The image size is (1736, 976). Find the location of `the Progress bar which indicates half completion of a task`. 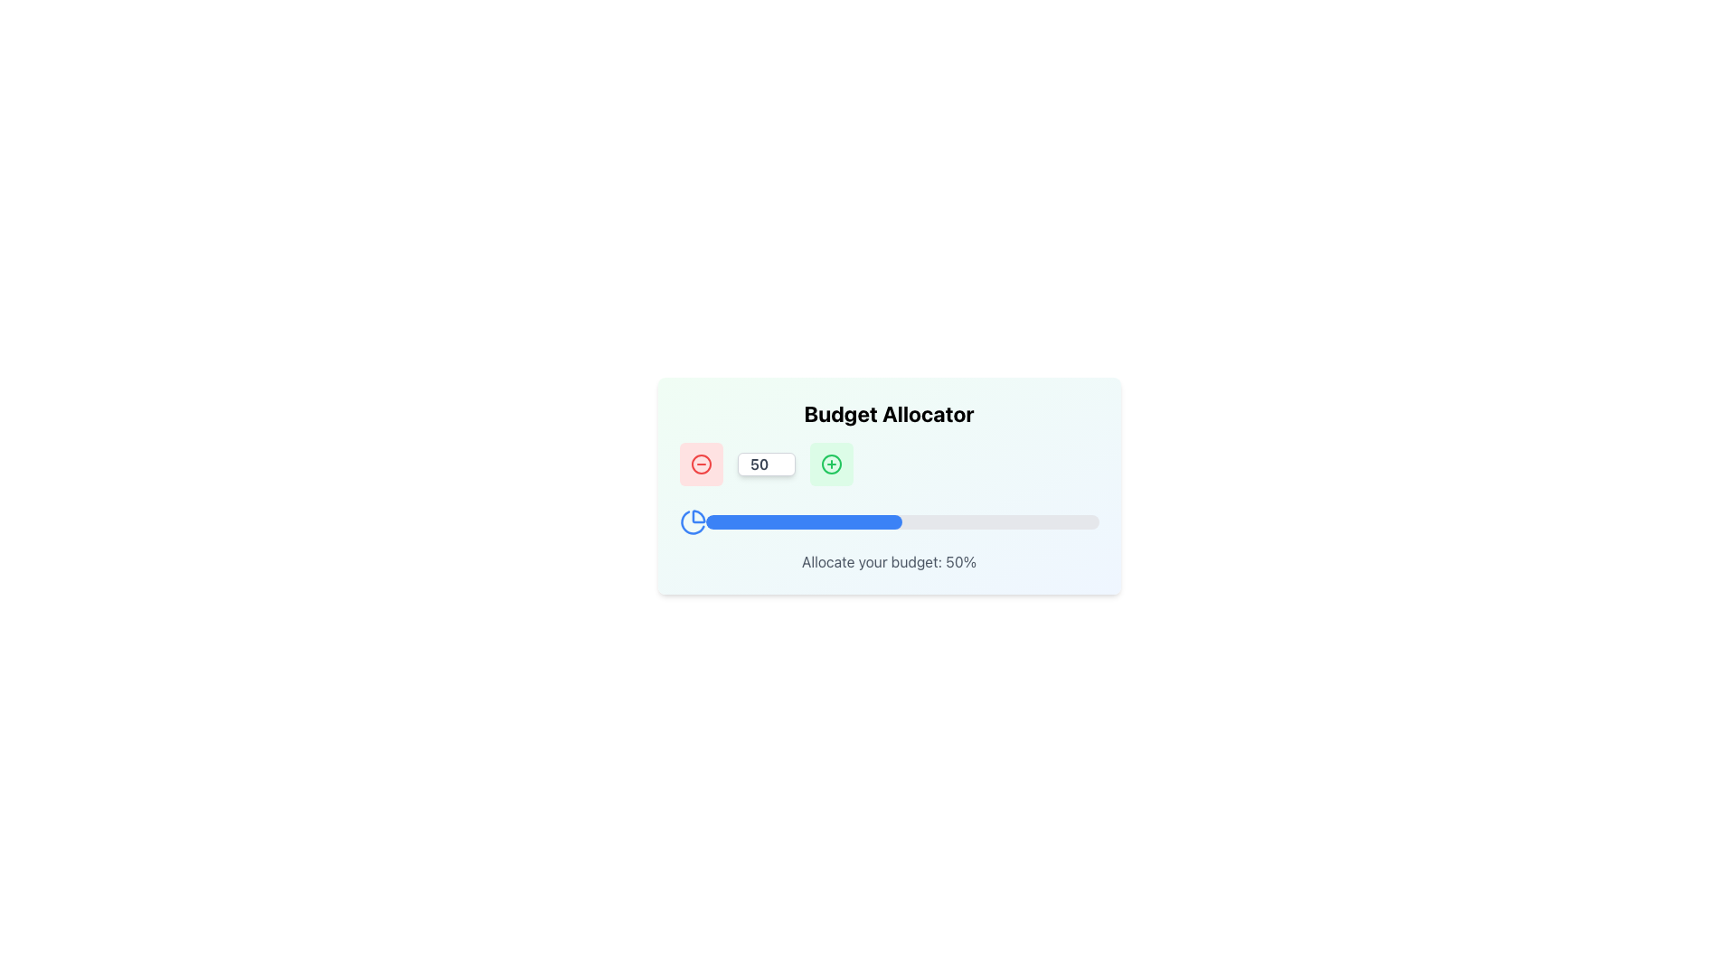

the Progress bar which indicates half completion of a task is located at coordinates (803, 522).